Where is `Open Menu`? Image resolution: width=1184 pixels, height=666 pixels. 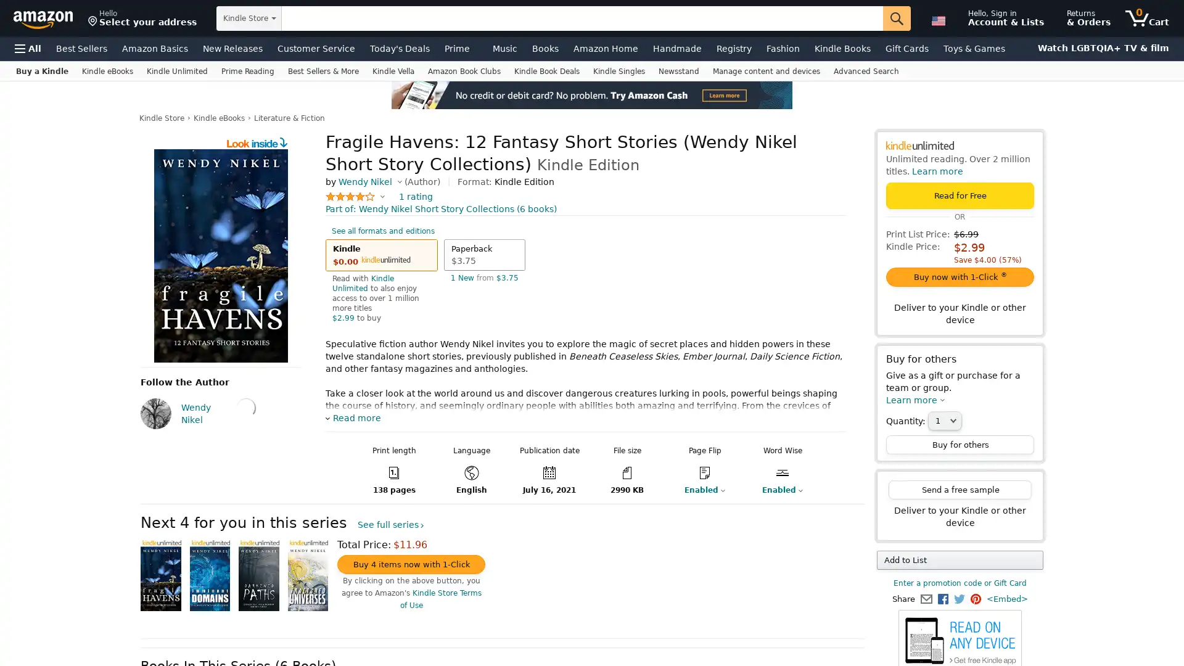 Open Menu is located at coordinates (28, 47).